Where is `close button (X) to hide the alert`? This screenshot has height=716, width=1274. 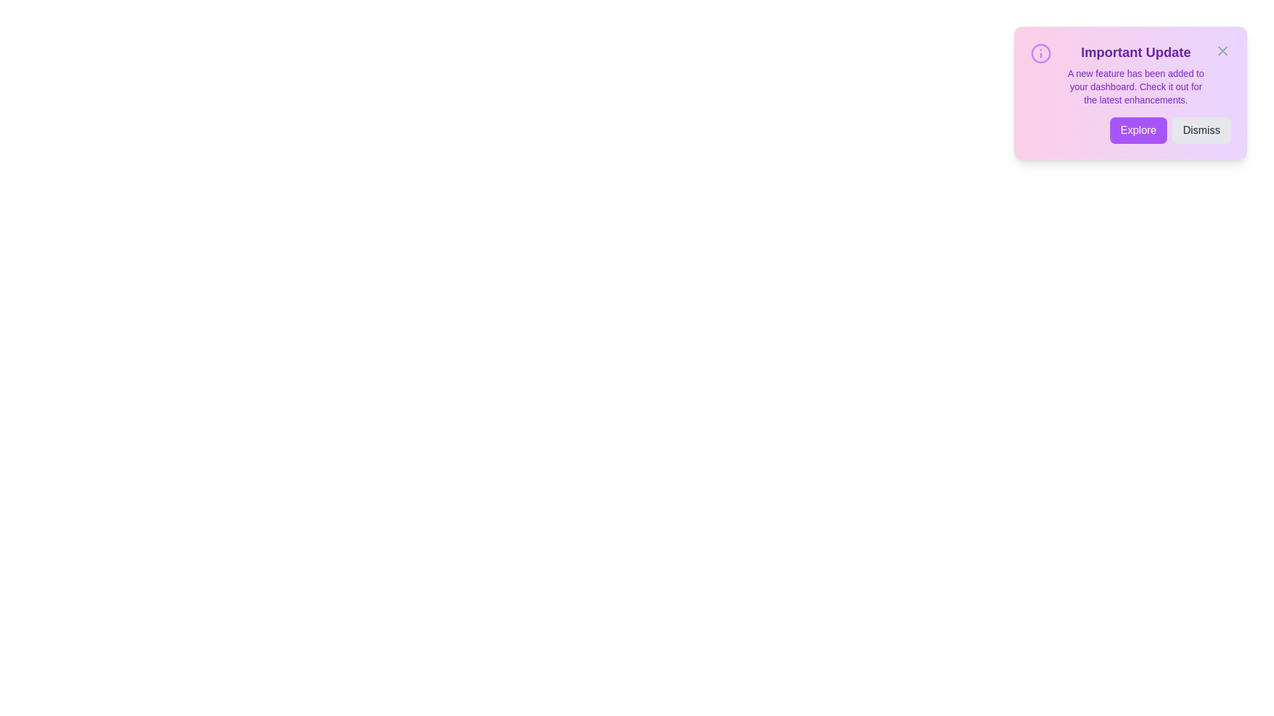
close button (X) to hide the alert is located at coordinates (1222, 50).